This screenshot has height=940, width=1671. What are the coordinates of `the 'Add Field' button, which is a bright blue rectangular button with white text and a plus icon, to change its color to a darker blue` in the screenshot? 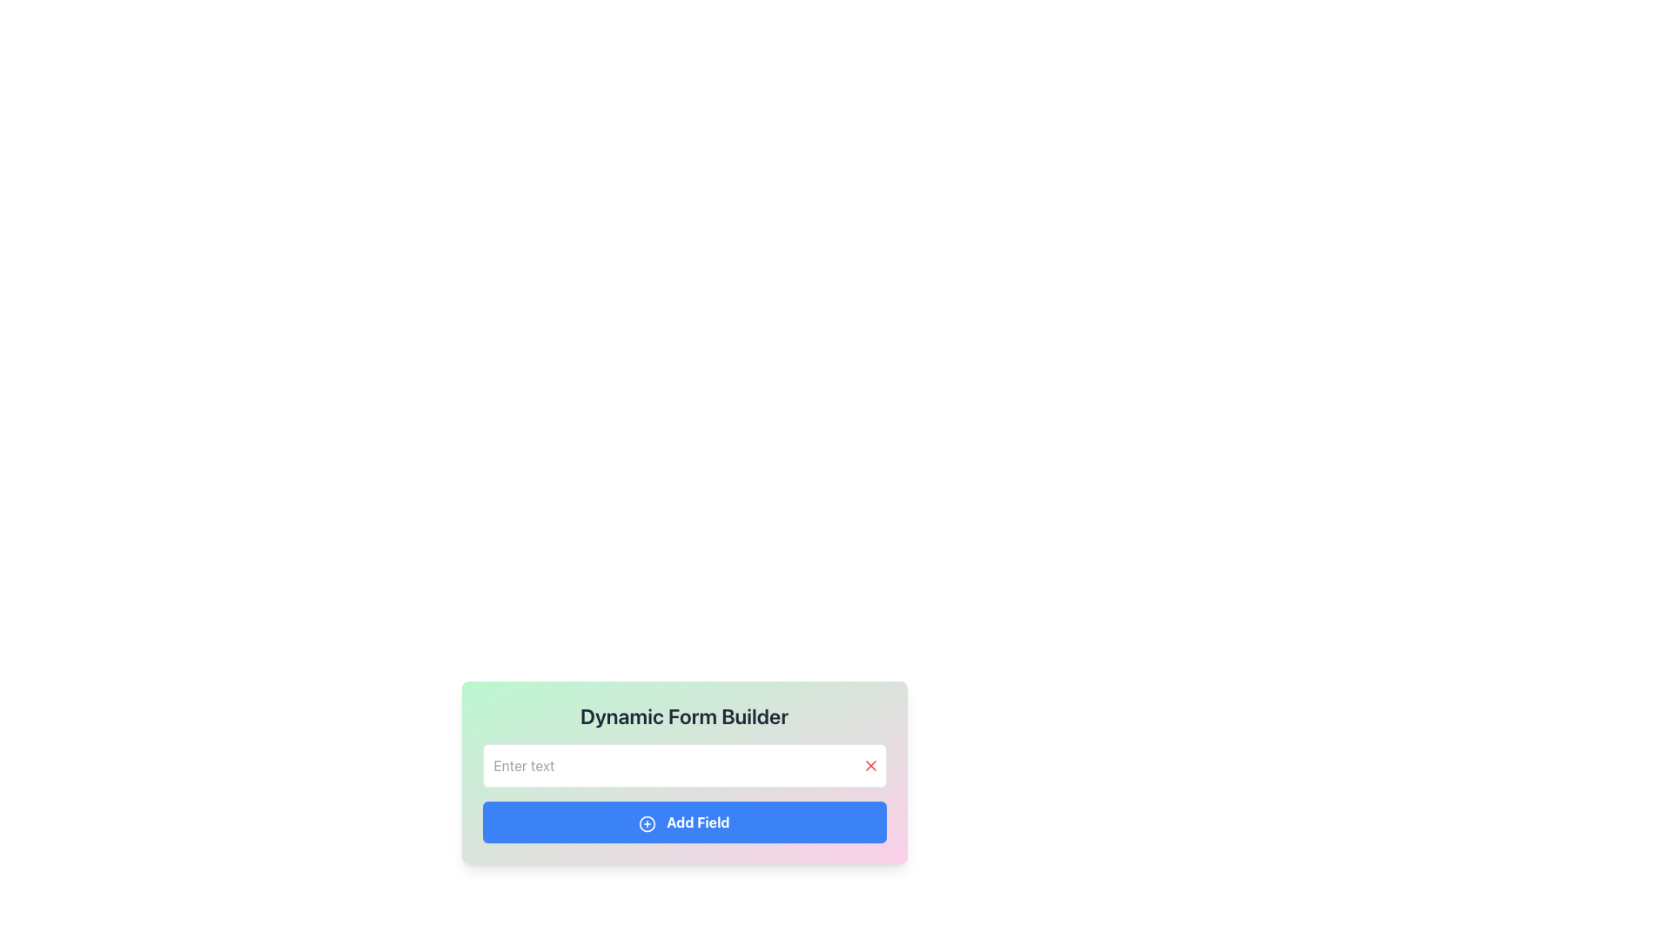 It's located at (683, 822).